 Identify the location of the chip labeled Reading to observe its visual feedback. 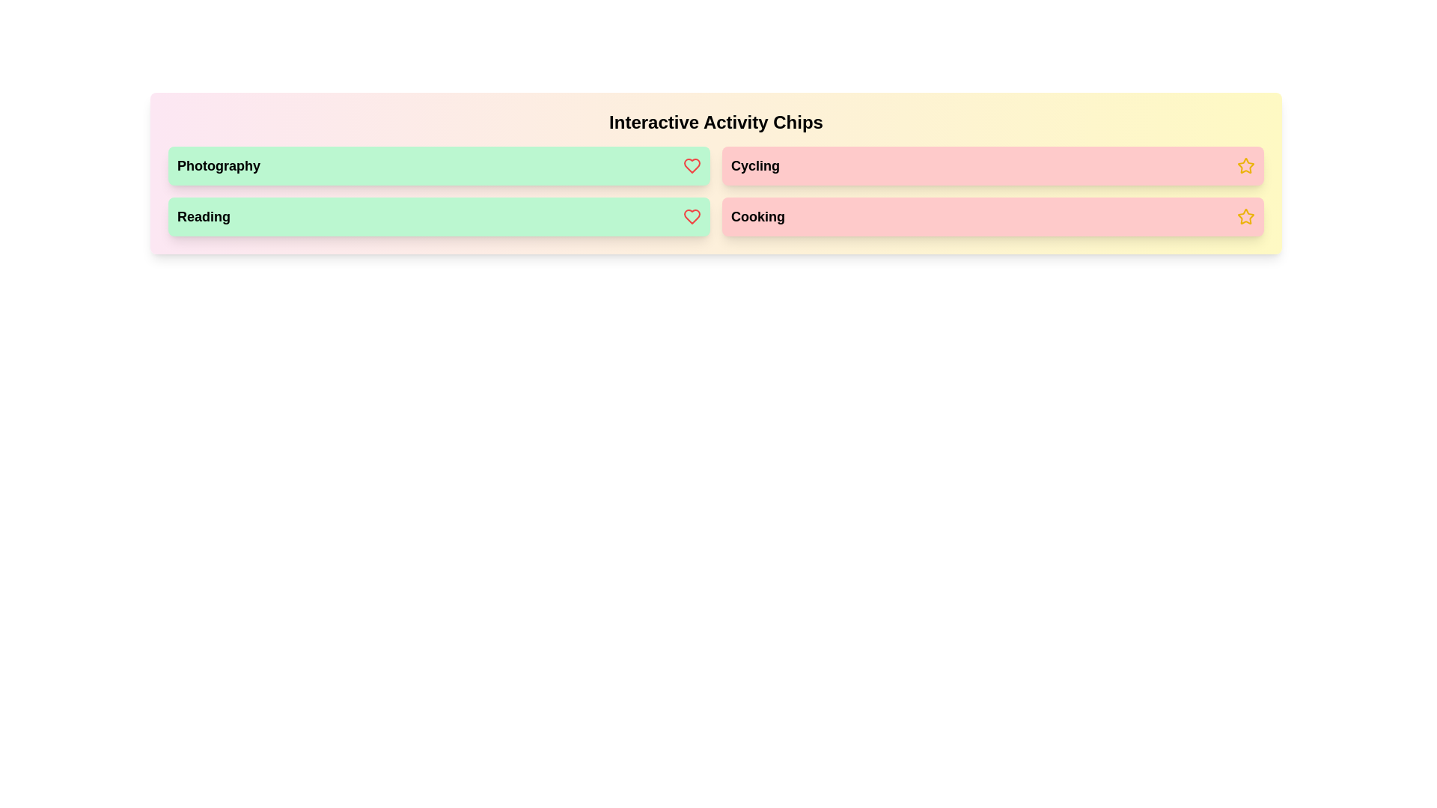
(438, 216).